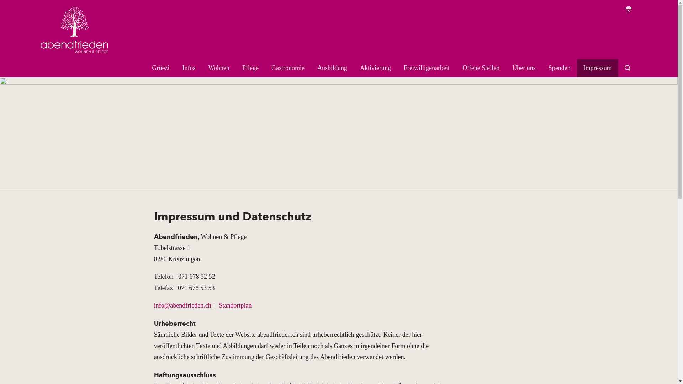  Describe the element at coordinates (182, 305) in the screenshot. I see `'info@abendfrieden.ch'` at that location.